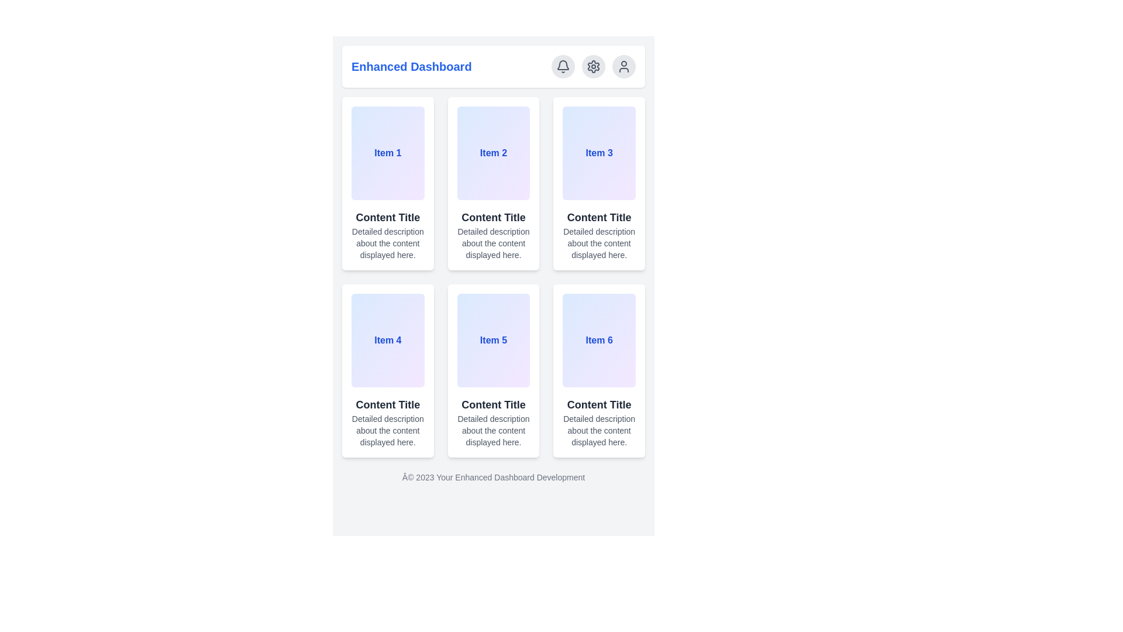 This screenshot has height=632, width=1123. I want to click on the footer text section displaying 'Â© 2023 Your Enhanced Dashboard Development', which is styled with centered alignment and gray color, located at the bottom of the page, so click(494, 478).